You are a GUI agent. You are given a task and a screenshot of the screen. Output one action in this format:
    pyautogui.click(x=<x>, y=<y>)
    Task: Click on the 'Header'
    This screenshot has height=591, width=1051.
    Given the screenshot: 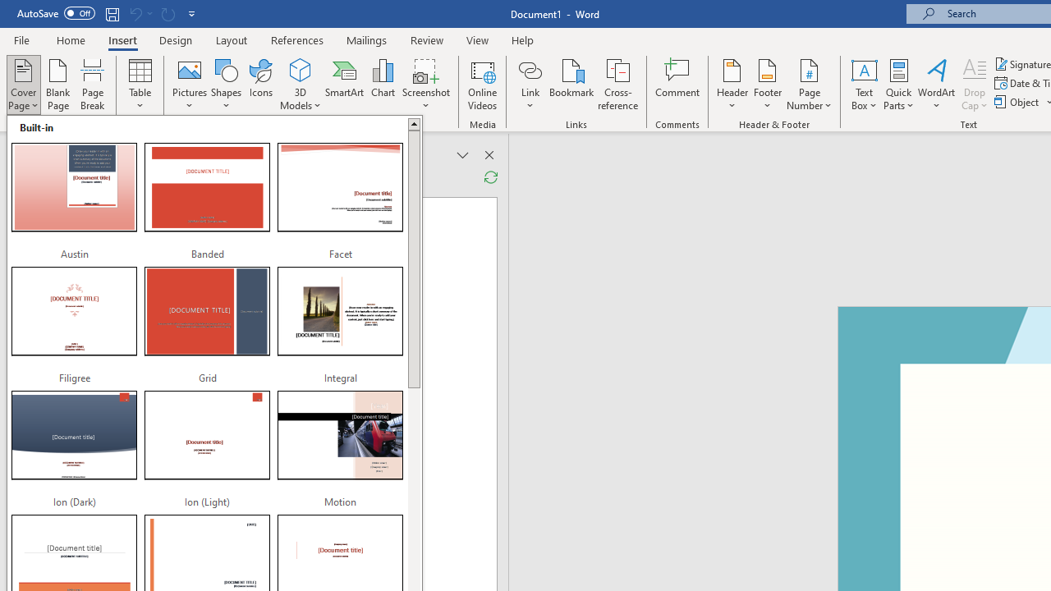 What is the action you would take?
    pyautogui.click(x=732, y=85)
    